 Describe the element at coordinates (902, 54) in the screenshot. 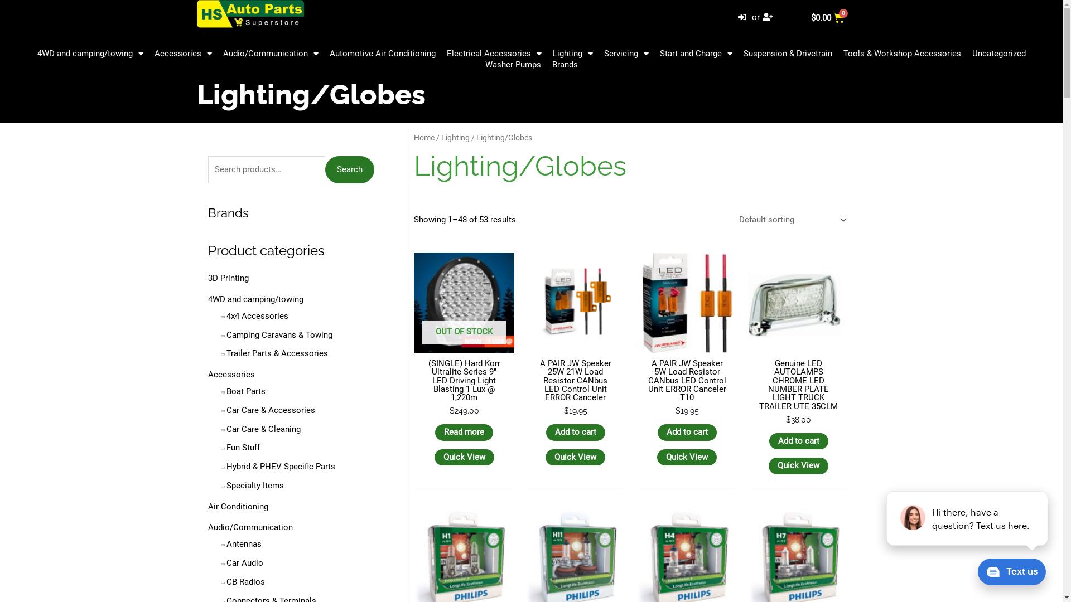

I see `'Tools & Workshop Accessories'` at that location.